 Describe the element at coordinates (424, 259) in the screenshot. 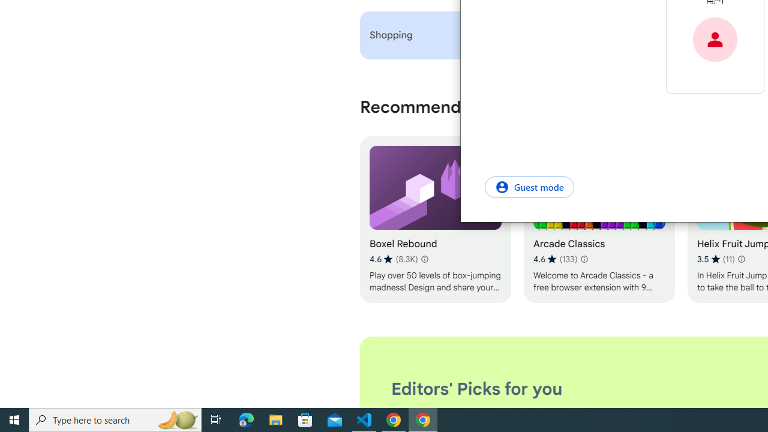

I see `'Learn more about results and reviews "Boxel Rebound"'` at that location.